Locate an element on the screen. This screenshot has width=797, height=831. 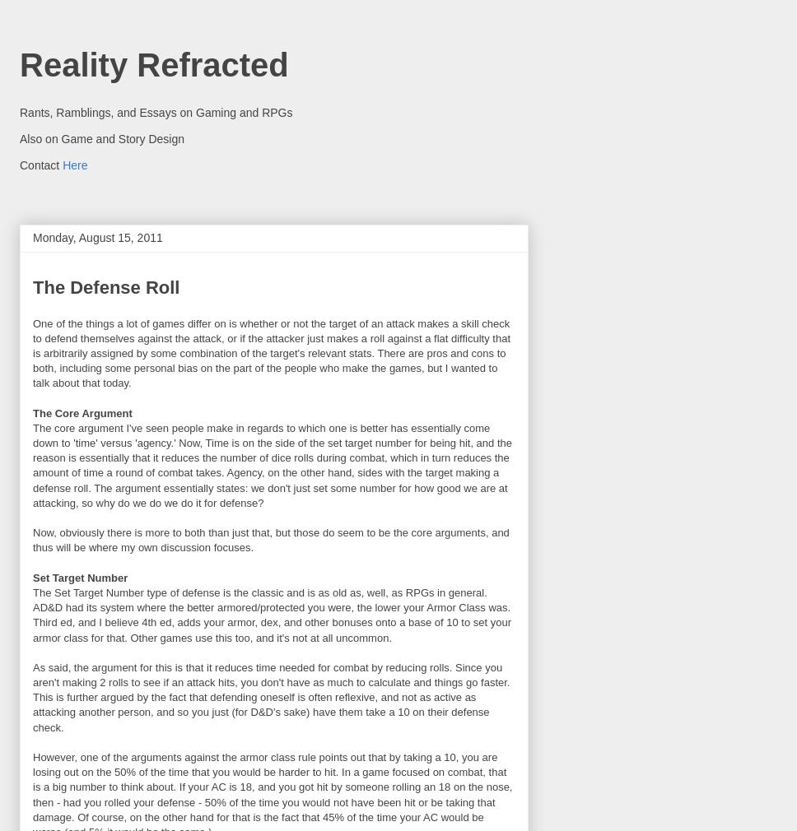
'The Set Target Number type of defense is the classic and is as old as, well, as RPGs in general. AD&D had its system where the better armored/protected you were, the lower your Armor Class was. Third ed, and I believe 4th ed, adds your armor, dex, and other bonuses onto a base of 10 to set your armor class for that. Other games use this too, and it's not at all uncommon.' is located at coordinates (272, 613).